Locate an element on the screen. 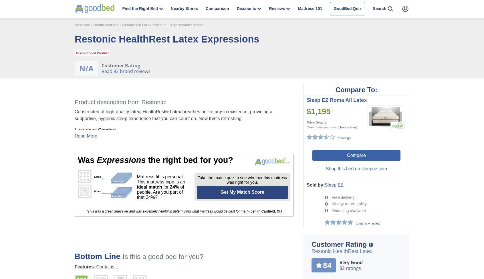 This screenshot has height=279, width=484. 'change size' is located at coordinates (347, 127).